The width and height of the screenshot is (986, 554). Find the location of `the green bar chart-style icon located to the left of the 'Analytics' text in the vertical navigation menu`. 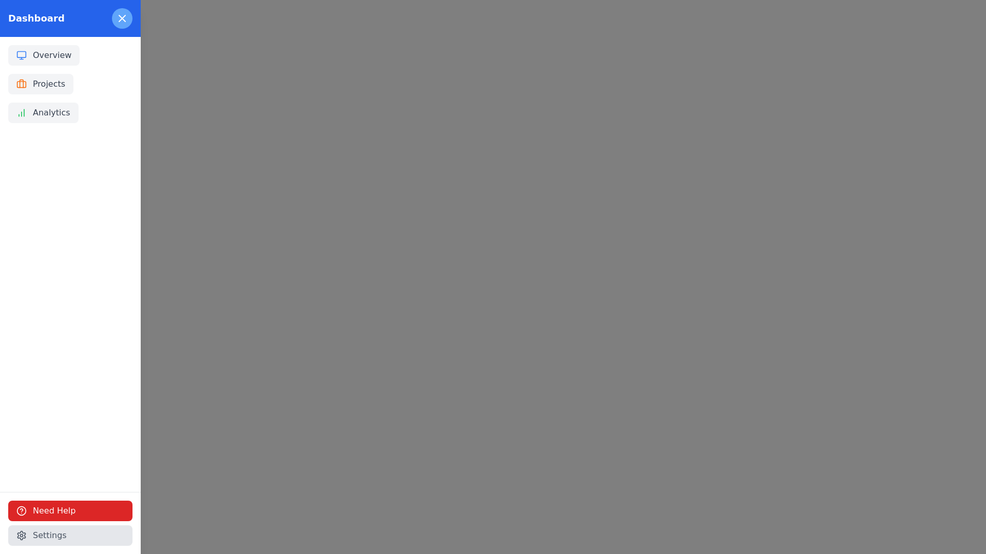

the green bar chart-style icon located to the left of the 'Analytics' text in the vertical navigation menu is located at coordinates (22, 112).